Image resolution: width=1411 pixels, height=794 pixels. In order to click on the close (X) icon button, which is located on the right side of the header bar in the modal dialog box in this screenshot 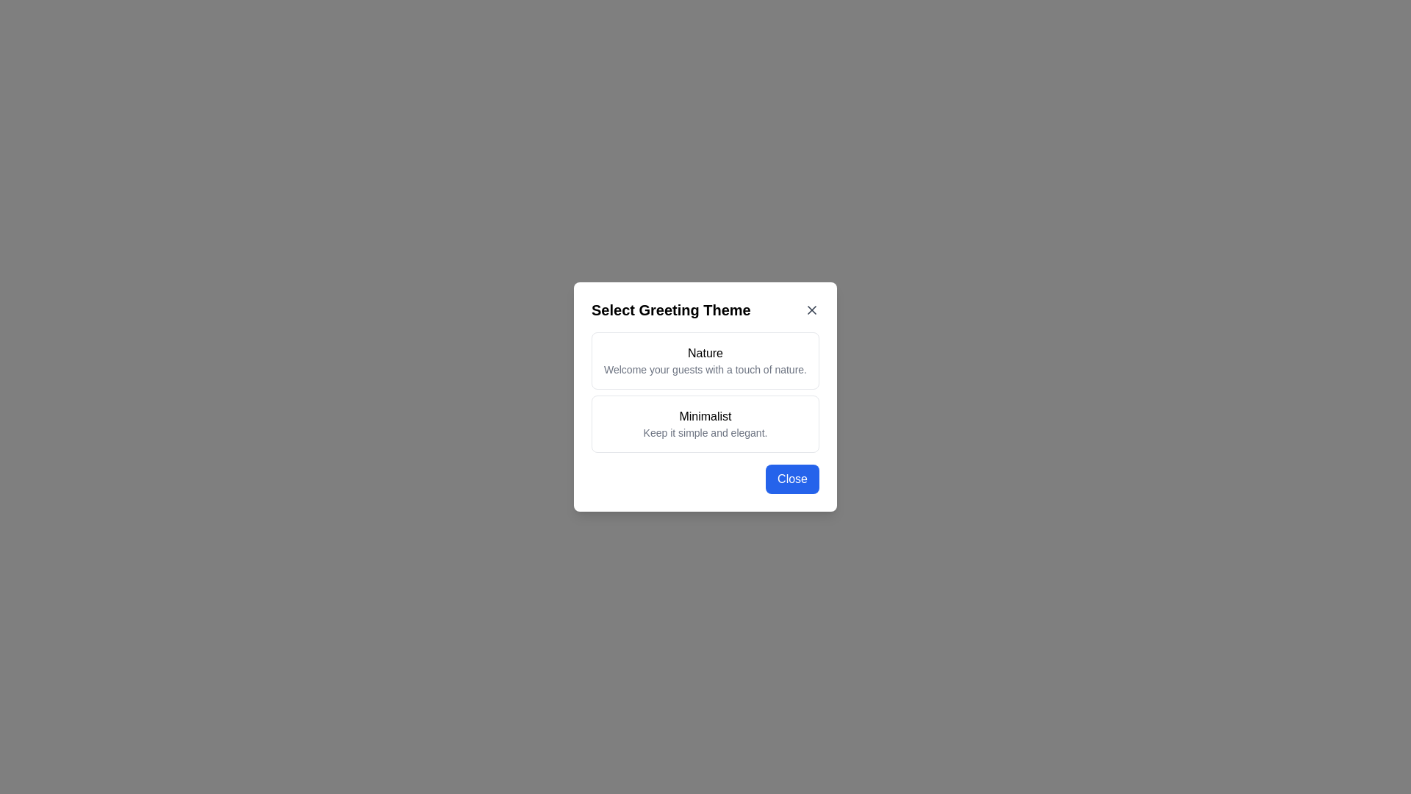, I will do `click(811, 309)`.